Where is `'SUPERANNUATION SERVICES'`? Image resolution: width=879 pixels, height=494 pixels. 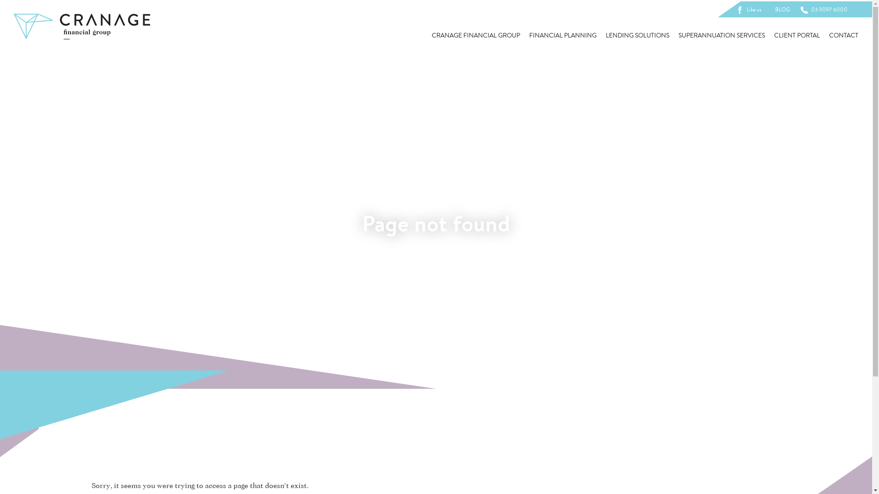
'SUPERANNUATION SERVICES' is located at coordinates (721, 35).